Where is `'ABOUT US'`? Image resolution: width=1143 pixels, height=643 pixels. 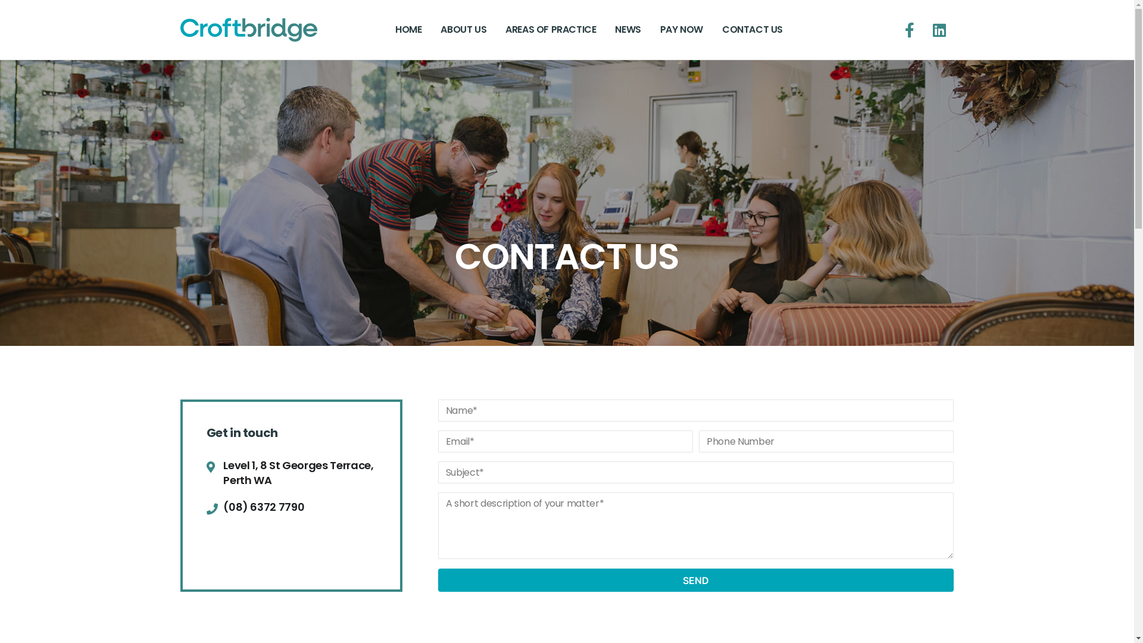 'ABOUT US' is located at coordinates (463, 29).